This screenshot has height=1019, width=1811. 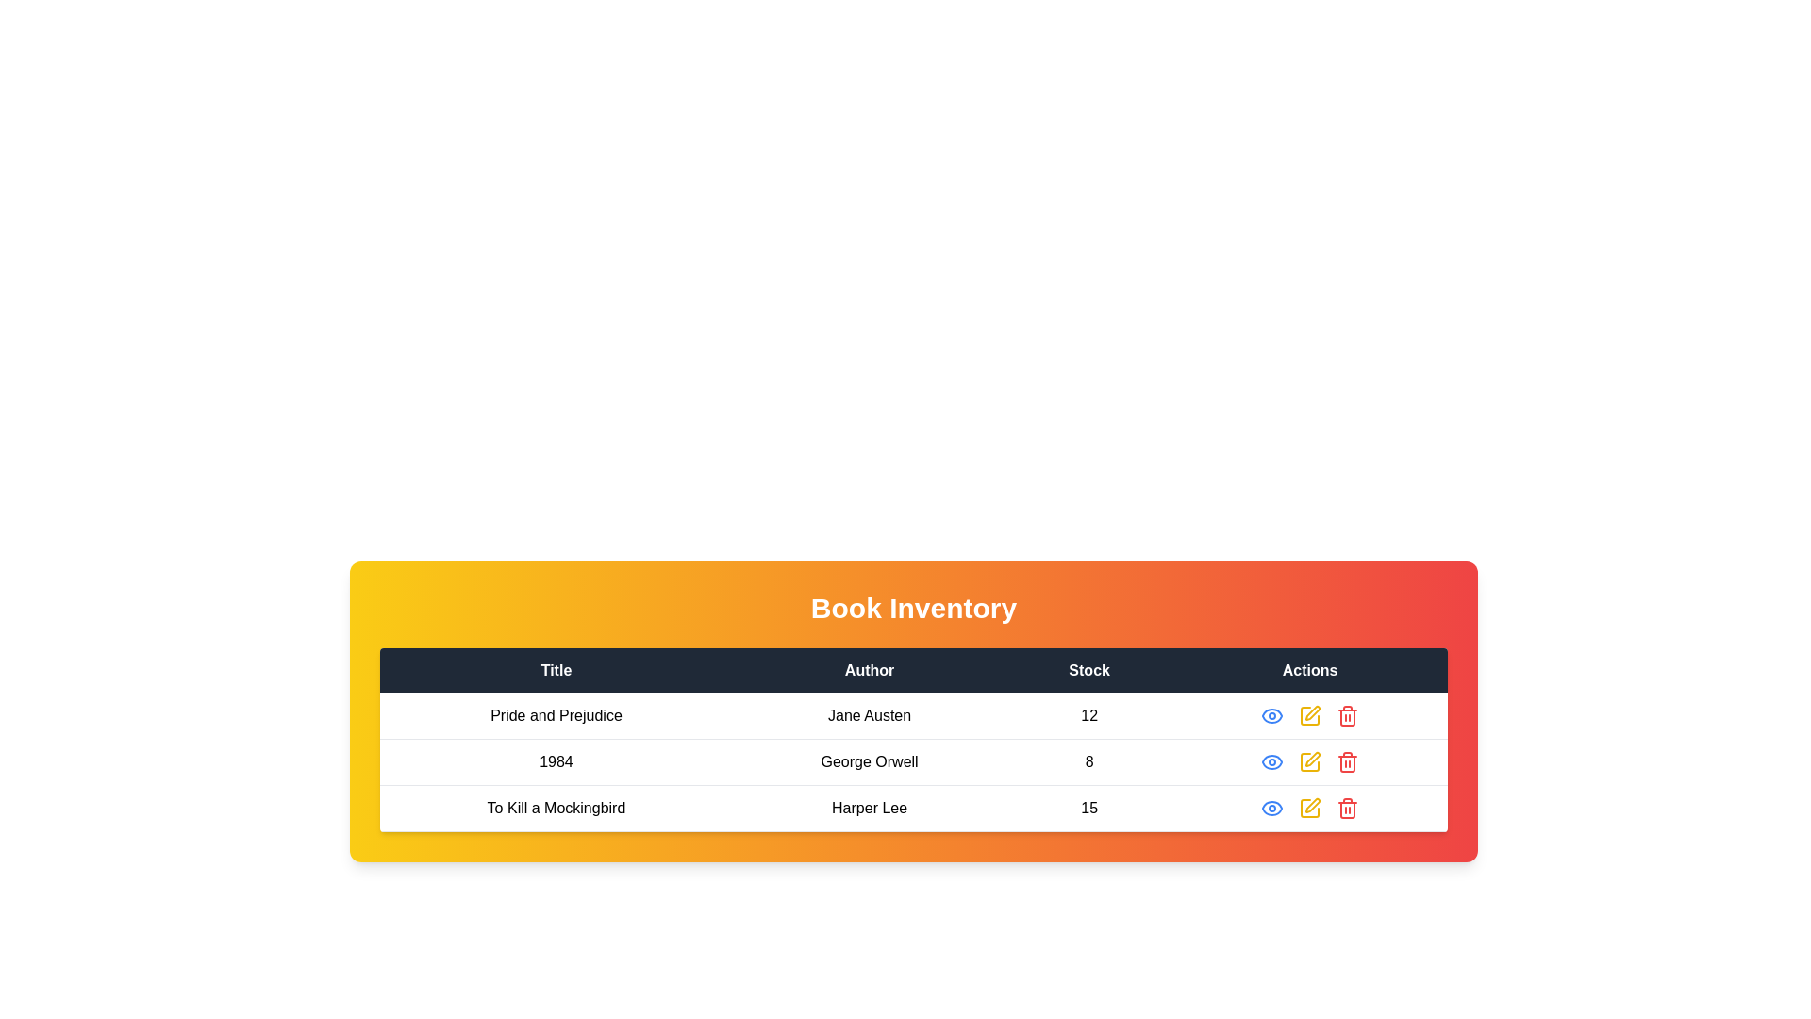 What do you see at coordinates (914, 807) in the screenshot?
I see `the table row displaying the book title 'To Kill a Mockingbird', author 'Harper Lee', and stock count '15'` at bounding box center [914, 807].